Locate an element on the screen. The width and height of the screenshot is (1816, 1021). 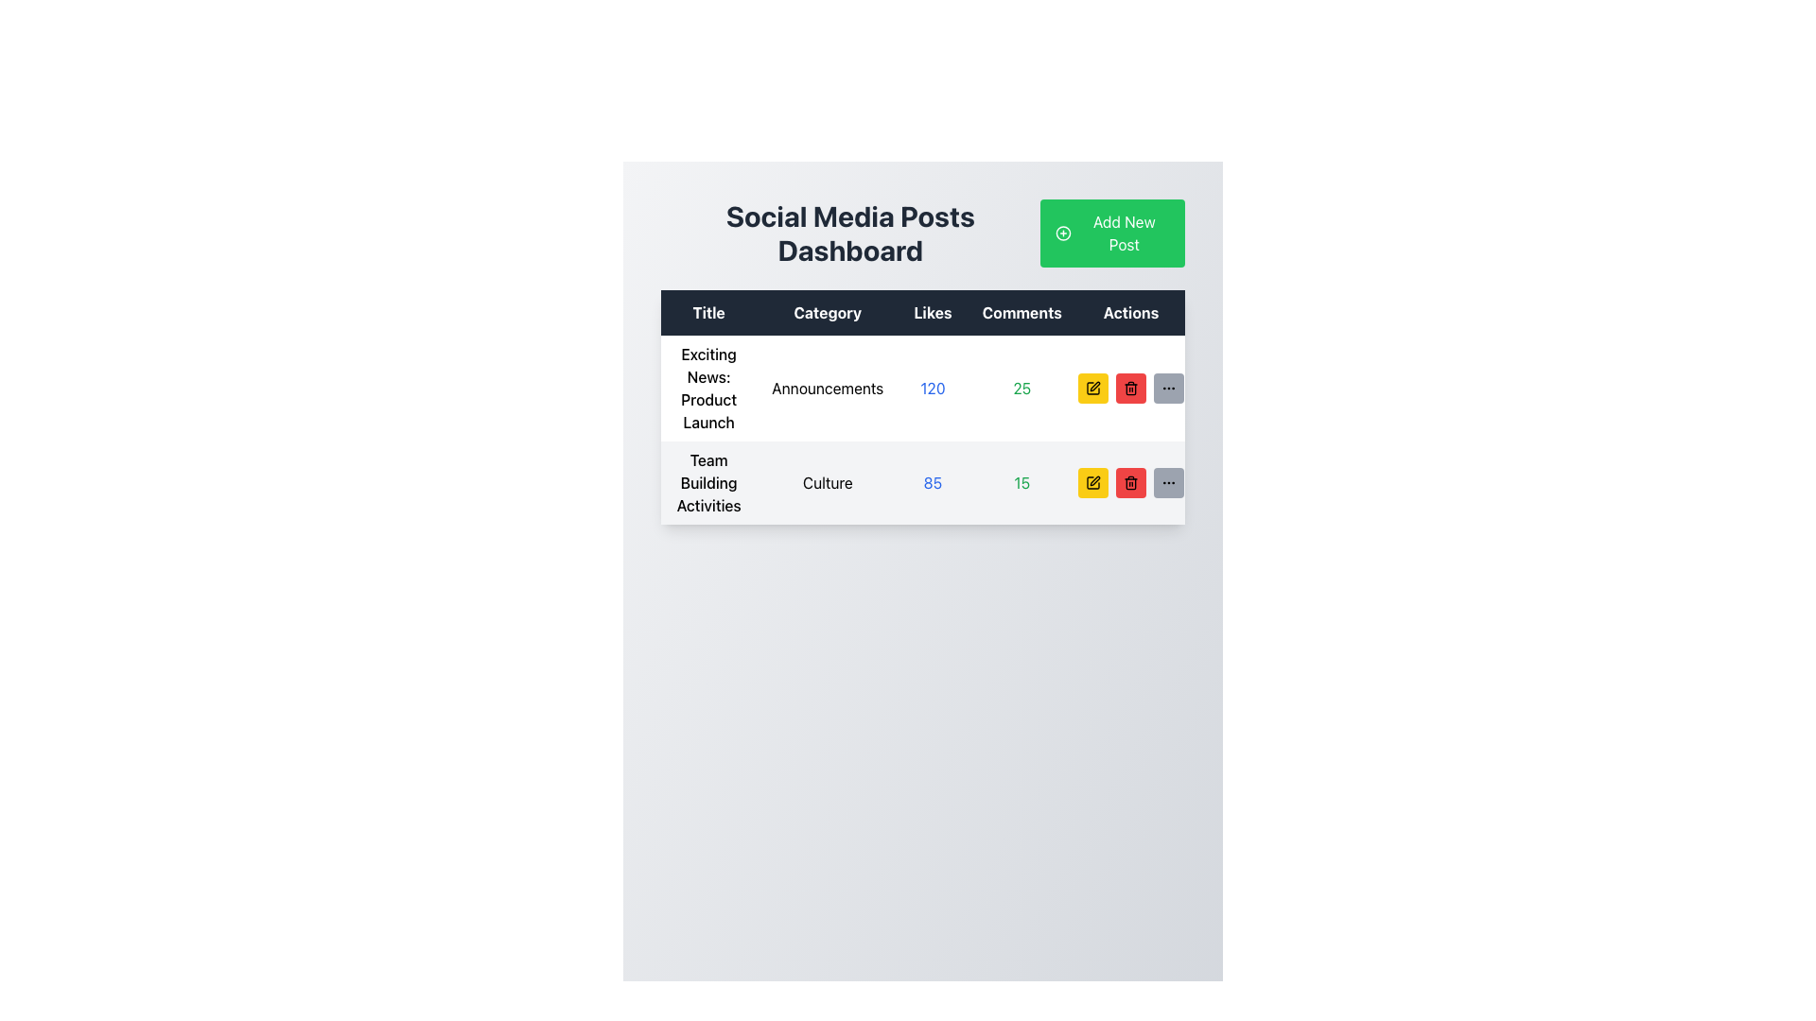
the small red button with a black trash can icon in the first row of the Social Media Posts Dashboard table is located at coordinates (1130, 481).